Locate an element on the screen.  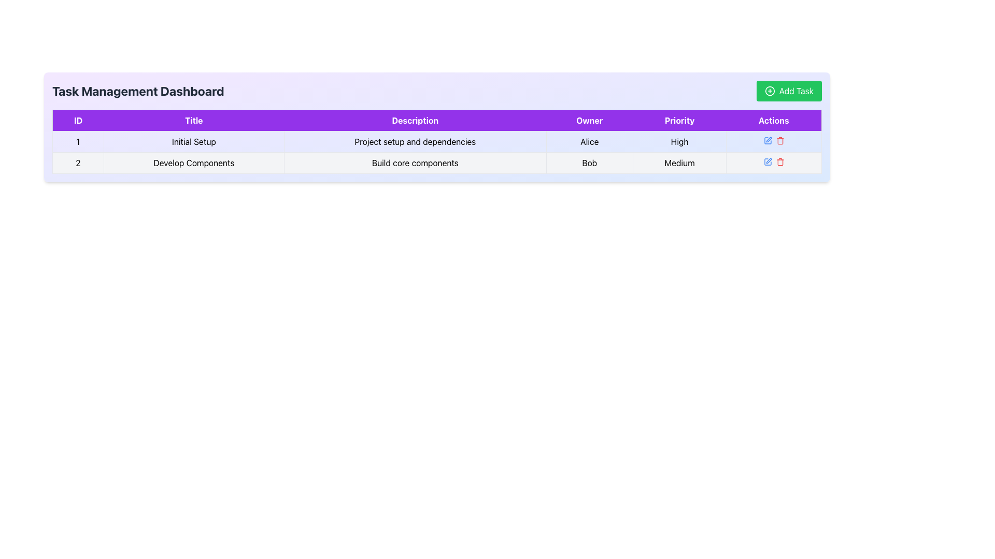
the Text Component that describes the task 'Initial Setup' with the details 'Project setup and dependencies' located in the 'Description' column of the table is located at coordinates (415, 141).